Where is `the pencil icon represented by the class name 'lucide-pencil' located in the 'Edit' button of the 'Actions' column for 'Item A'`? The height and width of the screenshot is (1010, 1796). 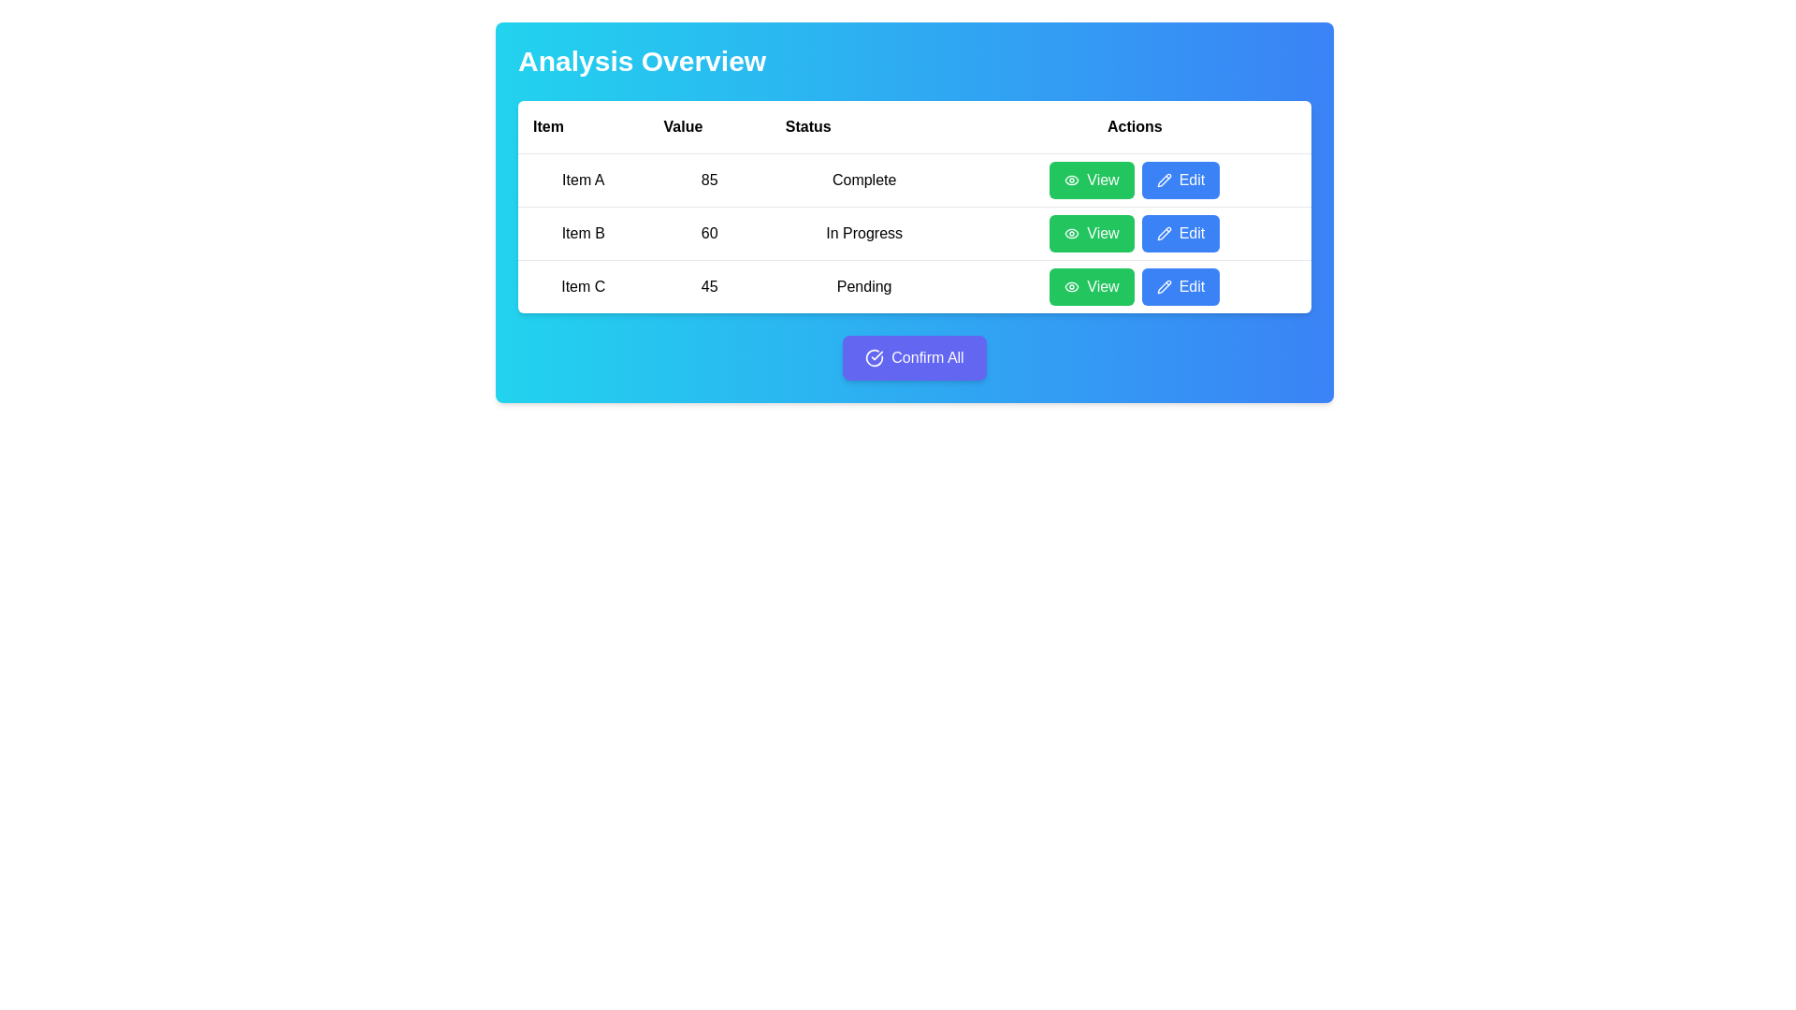 the pencil icon represented by the class name 'lucide-pencil' located in the 'Edit' button of the 'Actions' column for 'Item A' is located at coordinates (1163, 180).